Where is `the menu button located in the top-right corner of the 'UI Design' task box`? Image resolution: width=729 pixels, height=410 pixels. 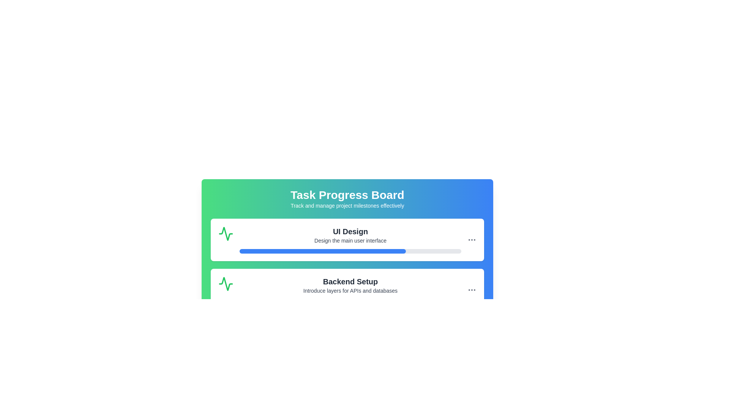
the menu button located in the top-right corner of the 'UI Design' task box is located at coordinates (472, 240).